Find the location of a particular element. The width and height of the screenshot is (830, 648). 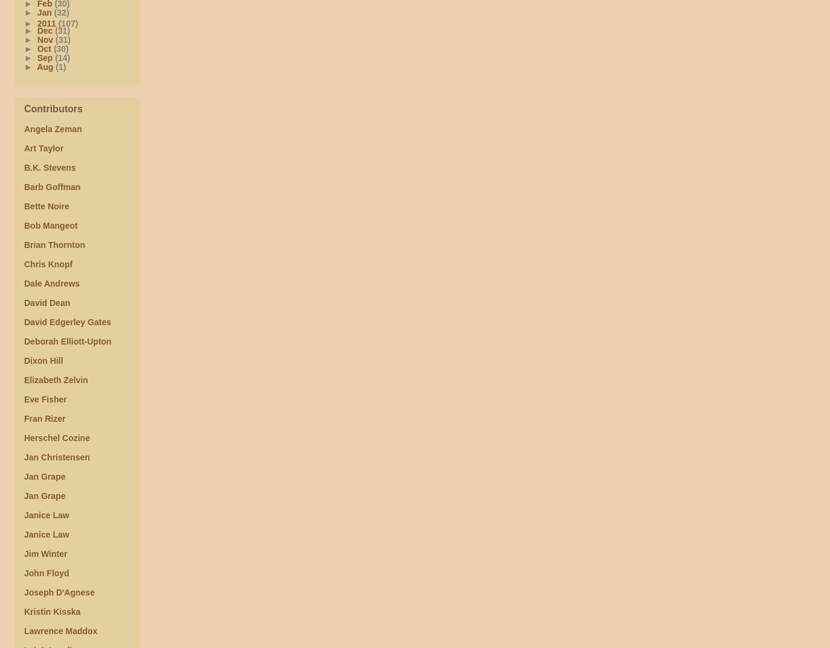

'Fran Rizer' is located at coordinates (44, 418).